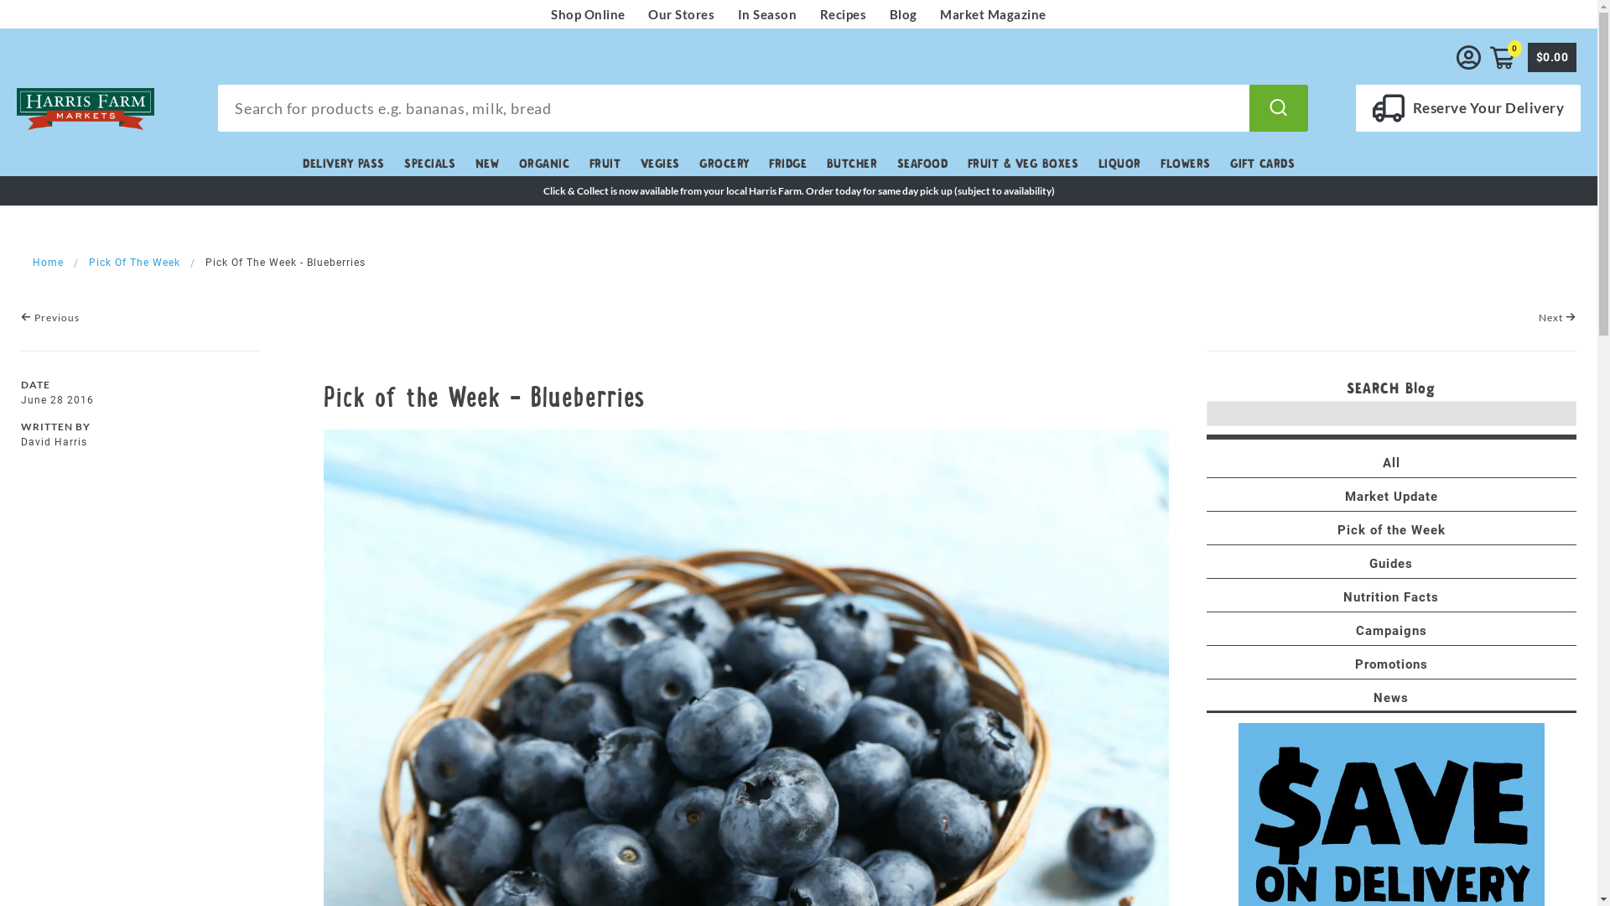 This screenshot has height=906, width=1610. What do you see at coordinates (1504, 57) in the screenshot?
I see `'0'` at bounding box center [1504, 57].